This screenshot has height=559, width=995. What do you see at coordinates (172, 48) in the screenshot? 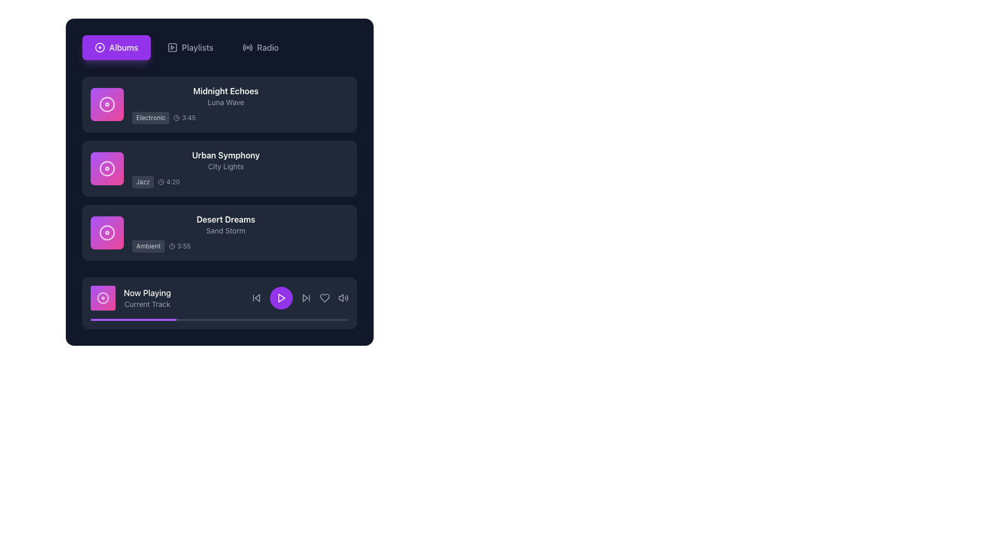
I see `the square with rounded corners background element located within the 'Playlists' tab button in the upper navigation bar` at bounding box center [172, 48].